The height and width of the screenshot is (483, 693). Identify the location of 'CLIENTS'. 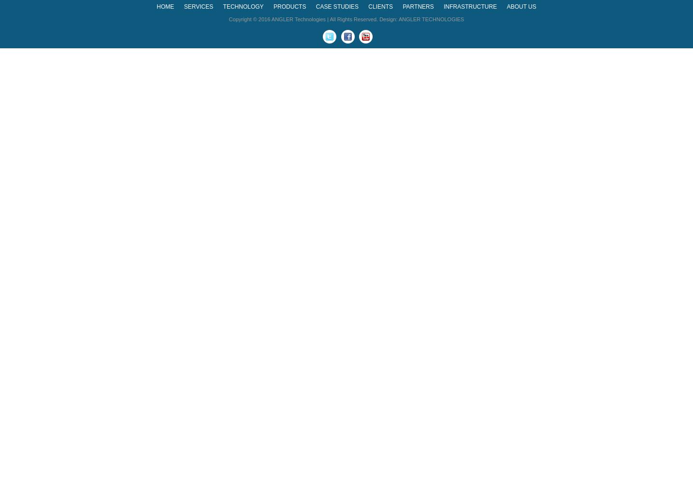
(380, 7).